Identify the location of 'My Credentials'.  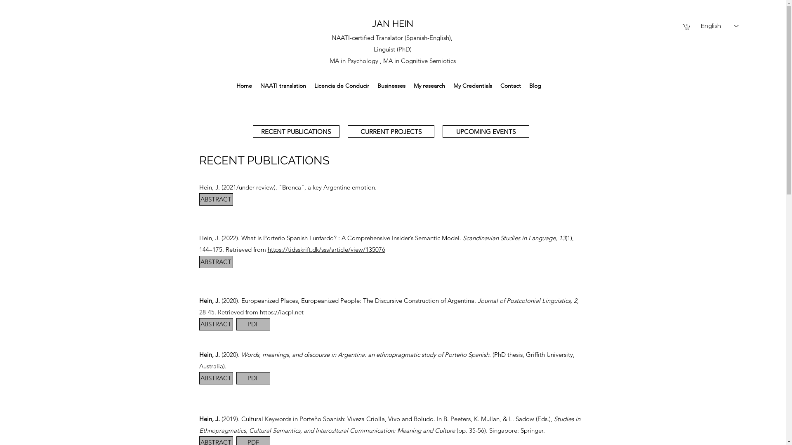
(473, 86).